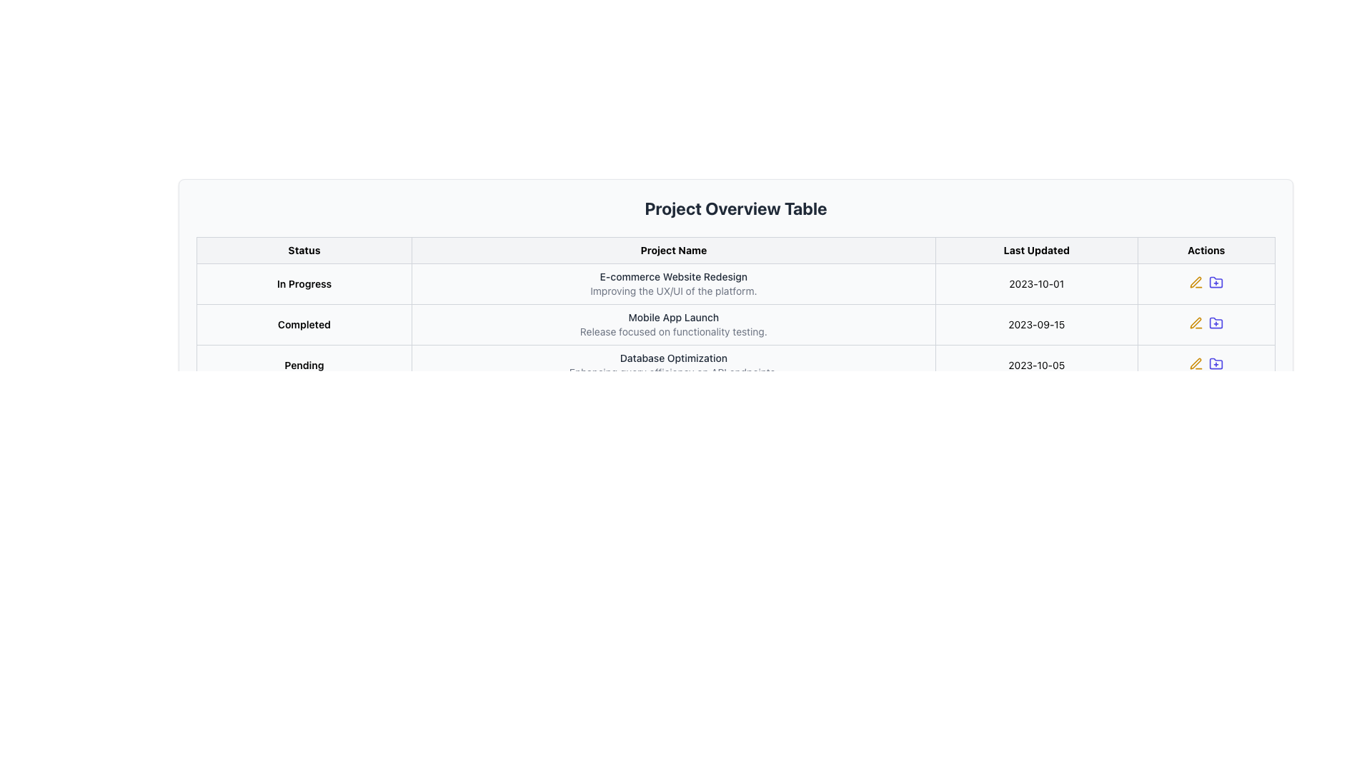  Describe the element at coordinates (672, 325) in the screenshot. I see `the text element displaying 'Mobile App Launch' in the second cell of the 'Project Name' column under the 'Completed' row` at that location.